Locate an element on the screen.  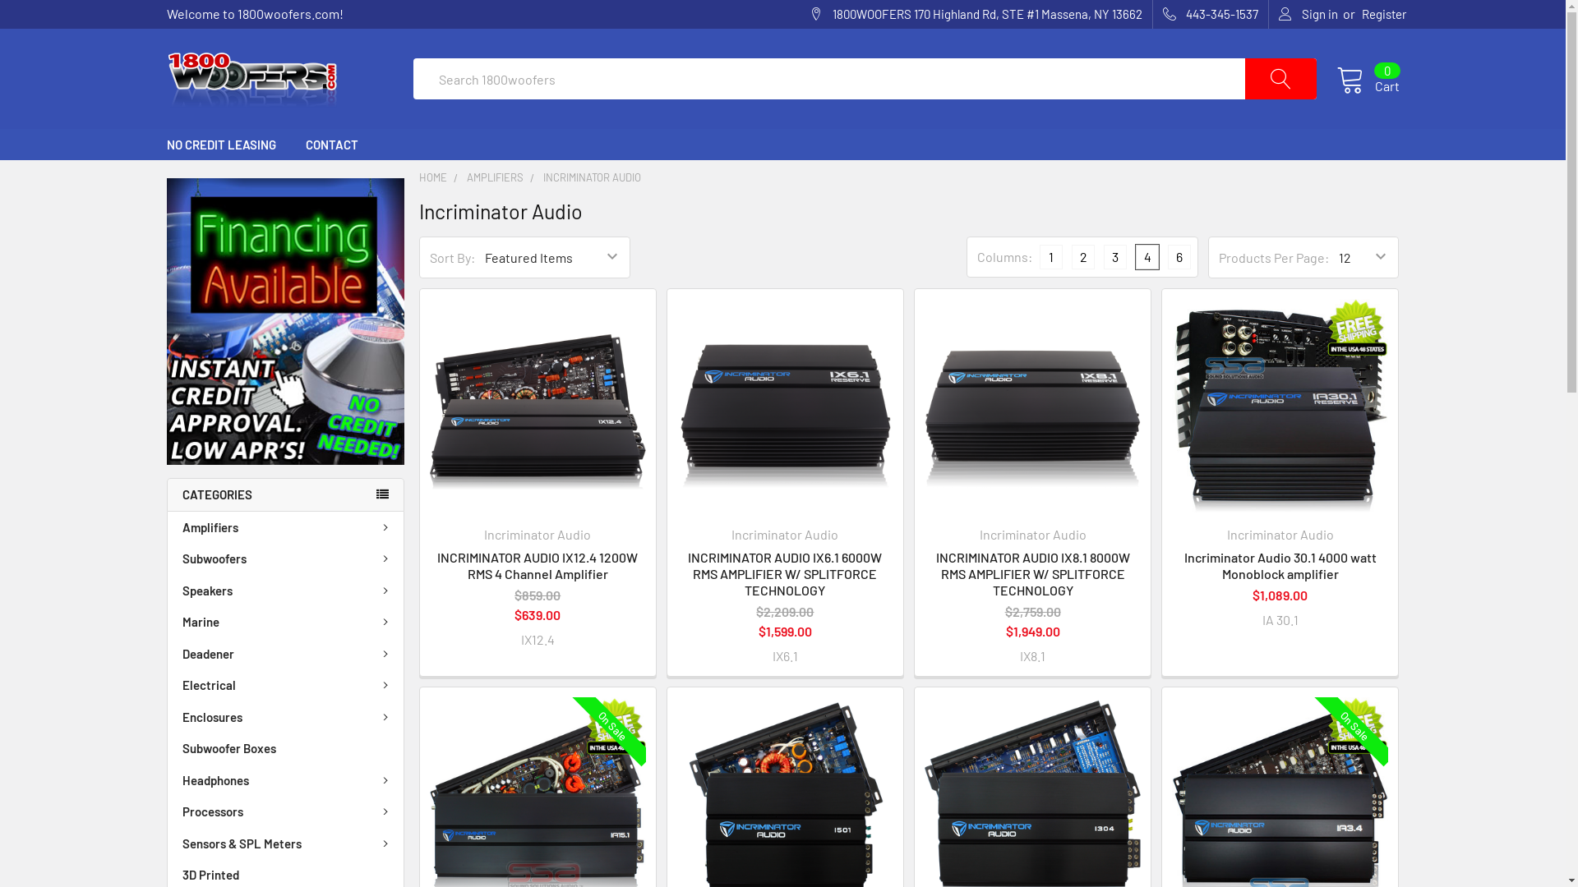
'INCRIMINATOR AUDIO IX12.4 1200W RMS 4 Channel Amplifier' is located at coordinates (538, 407).